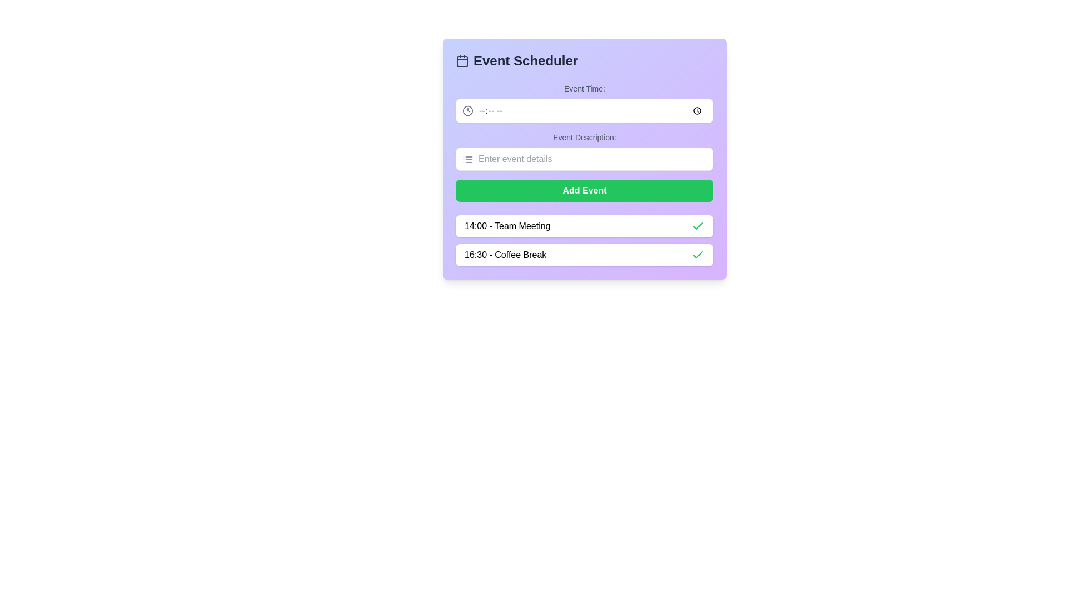 This screenshot has height=599, width=1066. I want to click on the second input field in the 'Event Scheduler' card to focus on the text box for user input, so click(584, 151).